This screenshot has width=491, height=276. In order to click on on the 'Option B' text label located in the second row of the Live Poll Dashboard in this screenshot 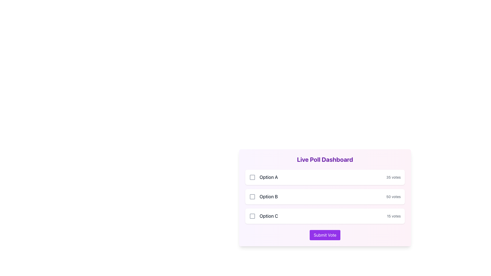, I will do `click(268, 197)`.